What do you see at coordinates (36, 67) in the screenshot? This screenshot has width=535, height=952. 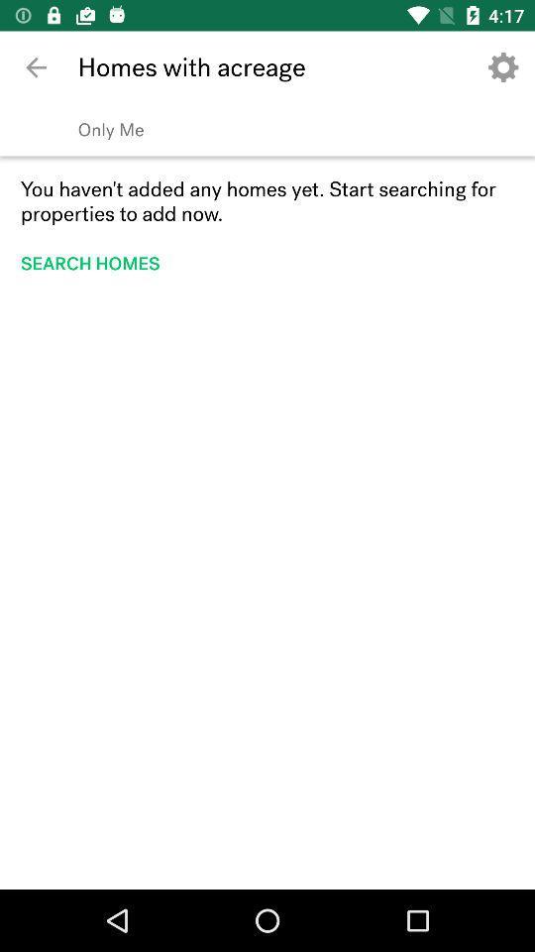 I see `app next to the homes with acreage app` at bounding box center [36, 67].